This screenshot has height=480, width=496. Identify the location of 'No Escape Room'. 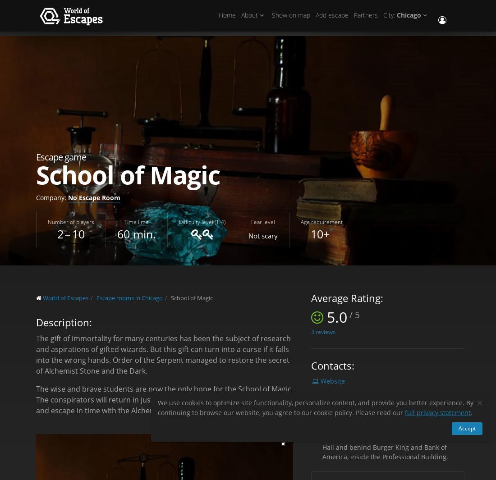
(94, 197).